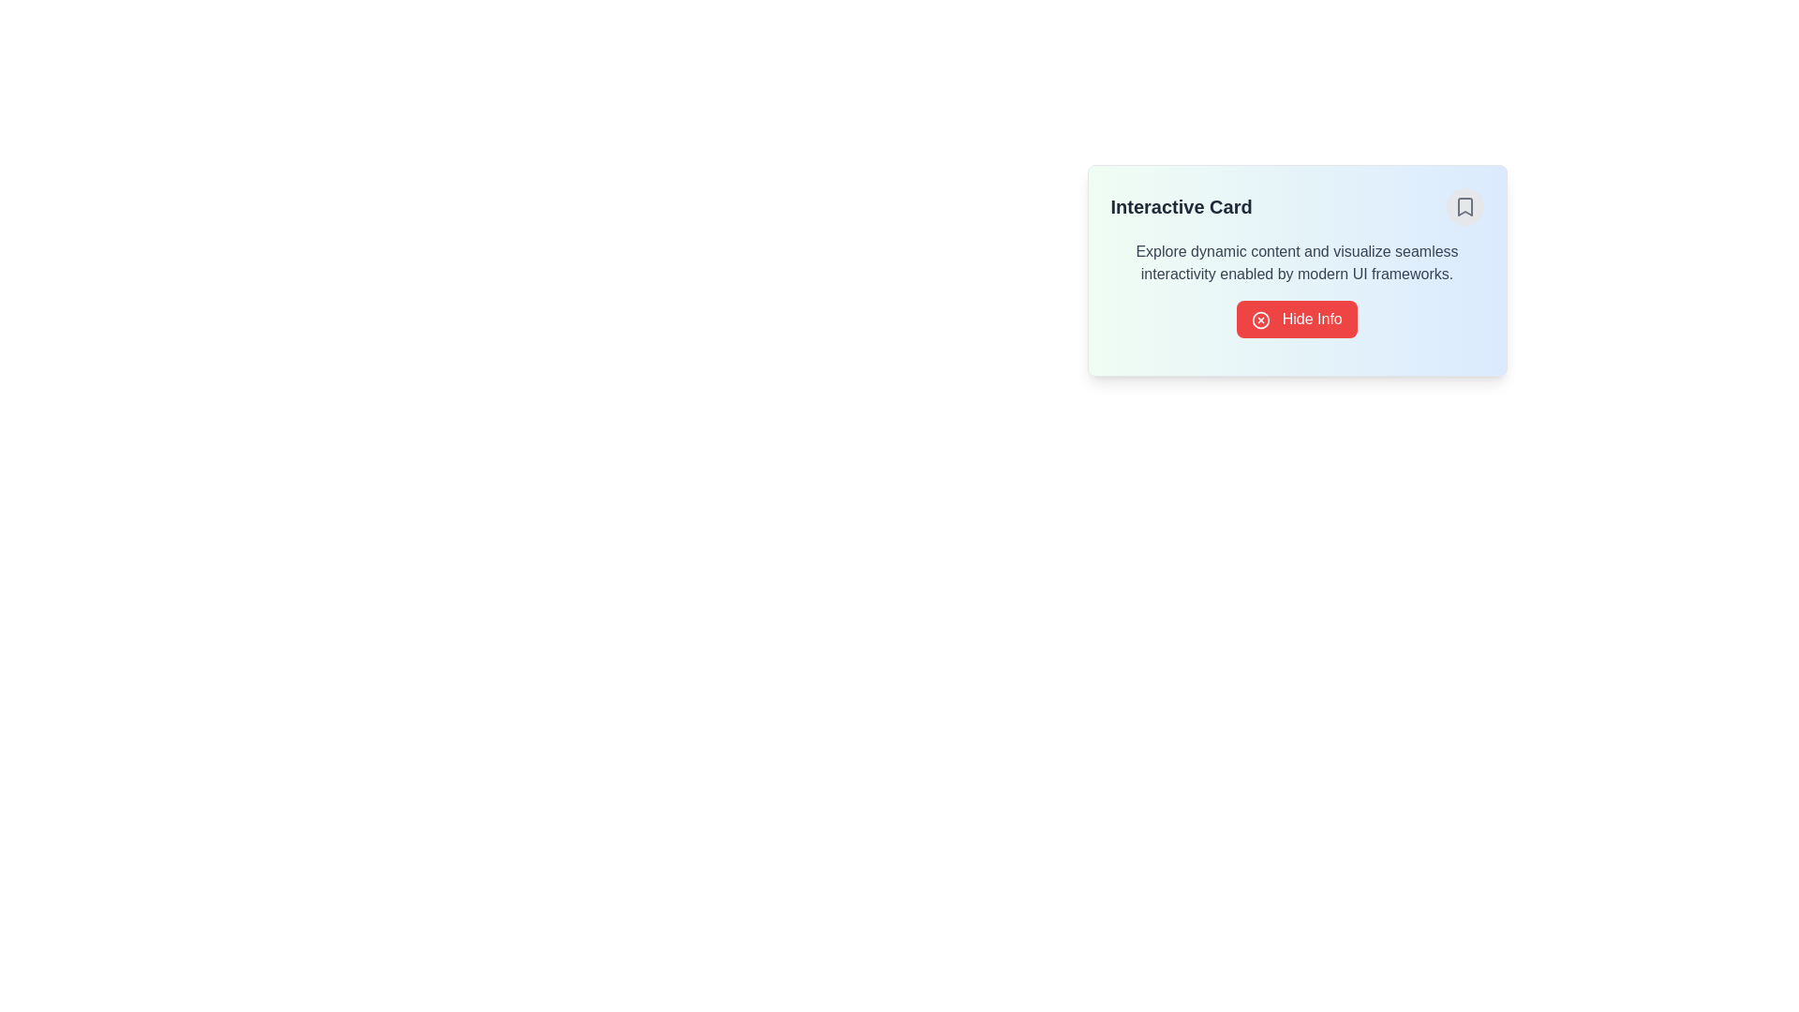 The height and width of the screenshot is (1012, 1799). I want to click on the icon that visually represents the 'Hide Info' button, located to the left of the button text, so click(1261, 319).